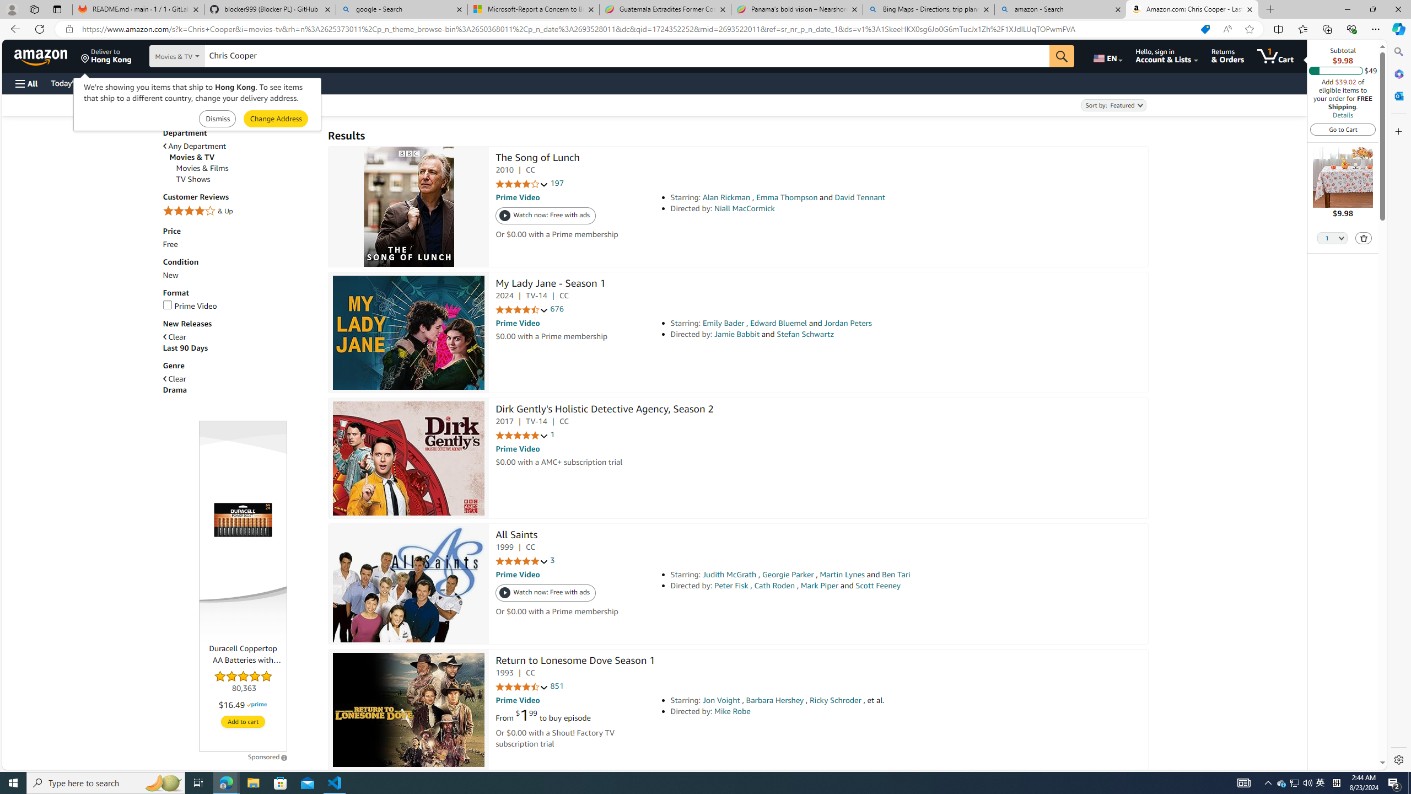 The height and width of the screenshot is (794, 1411). What do you see at coordinates (729, 574) in the screenshot?
I see `'Judith McGrath'` at bounding box center [729, 574].